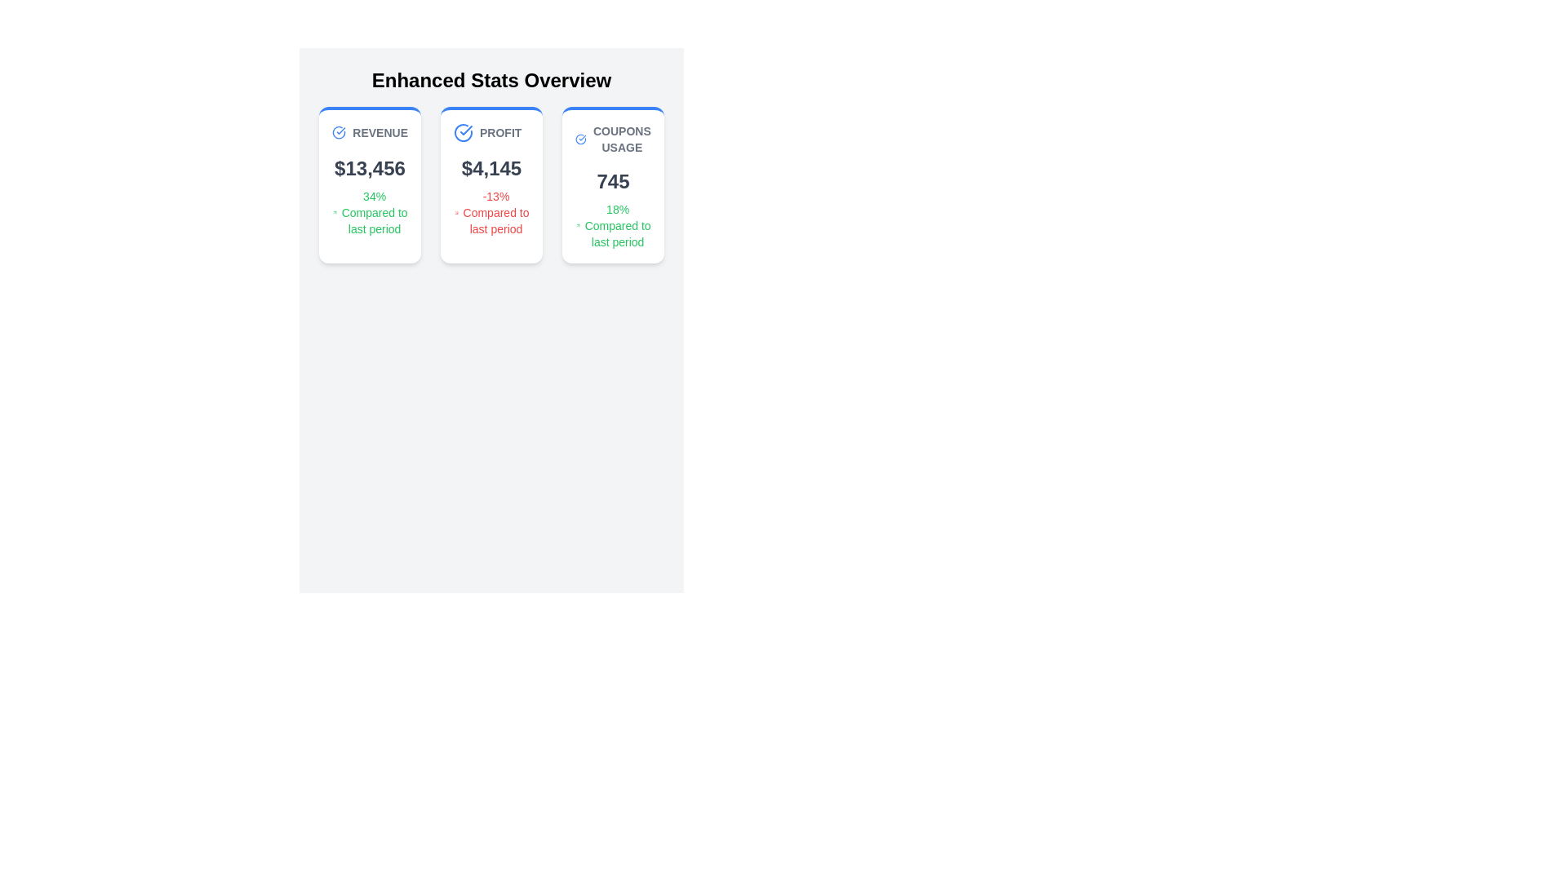  What do you see at coordinates (369, 169) in the screenshot?
I see `displayed text '$13,456' from the Text Display element styled with 'text-gray-700 text-2xl font-bold', located below the heading 'REVENUE'` at bounding box center [369, 169].